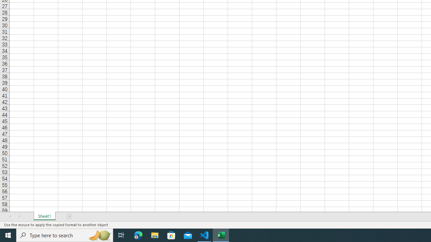 This screenshot has width=431, height=242. Describe the element at coordinates (10, 216) in the screenshot. I see `'Scroll Left'` at that location.